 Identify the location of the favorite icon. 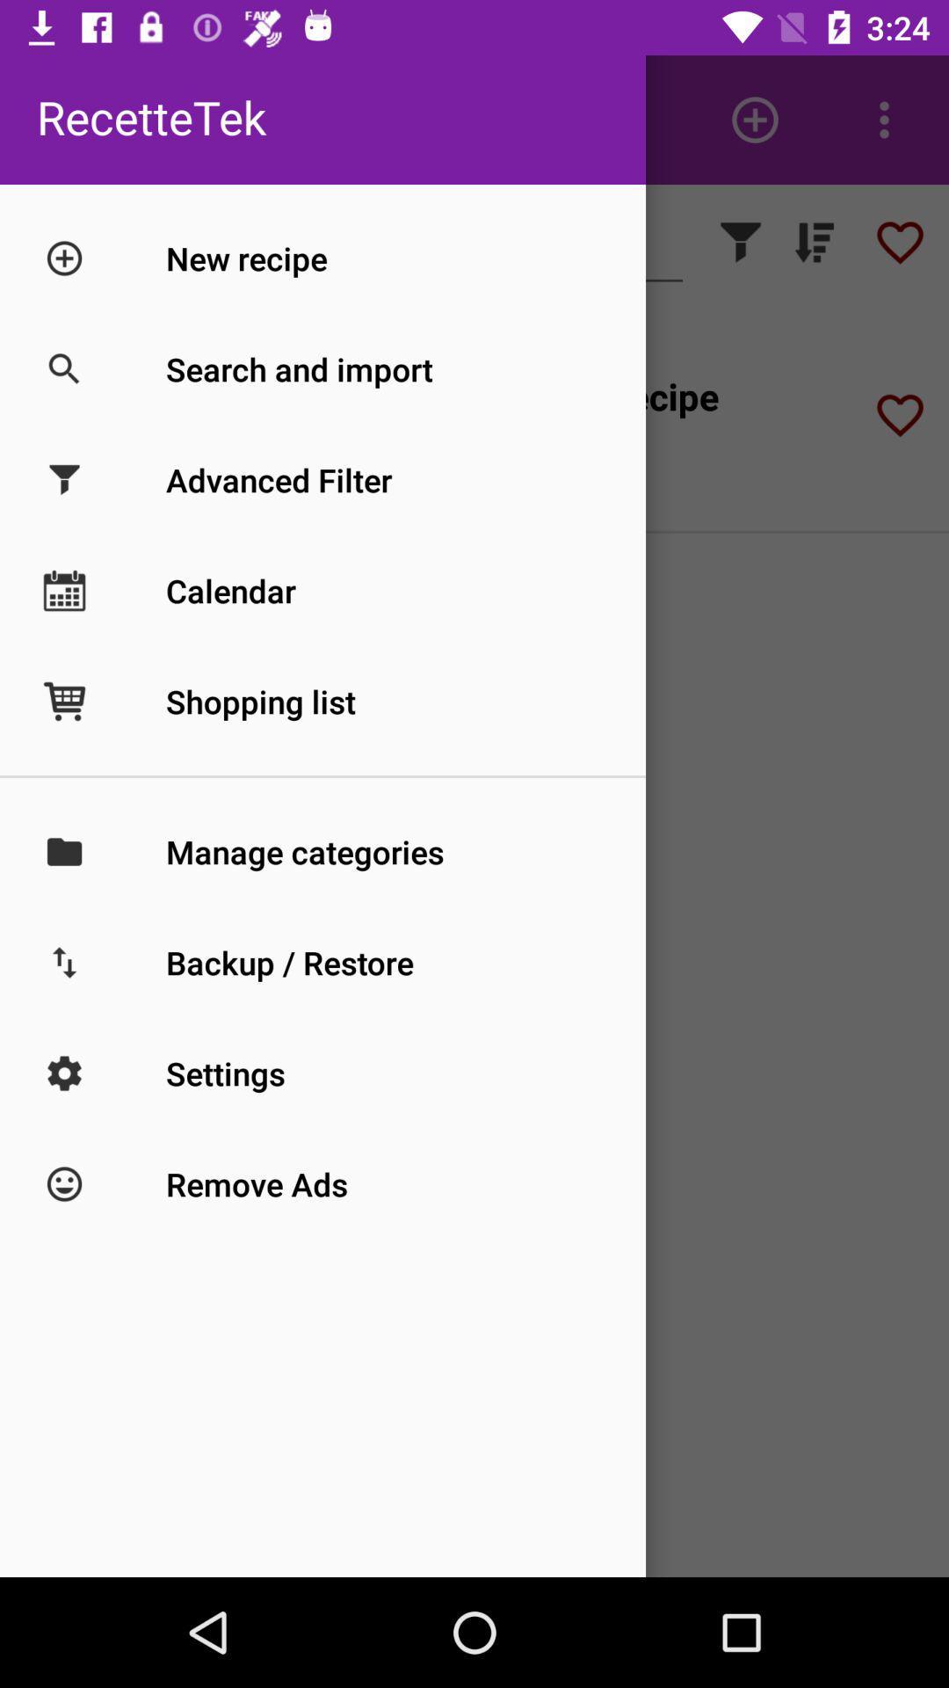
(900, 241).